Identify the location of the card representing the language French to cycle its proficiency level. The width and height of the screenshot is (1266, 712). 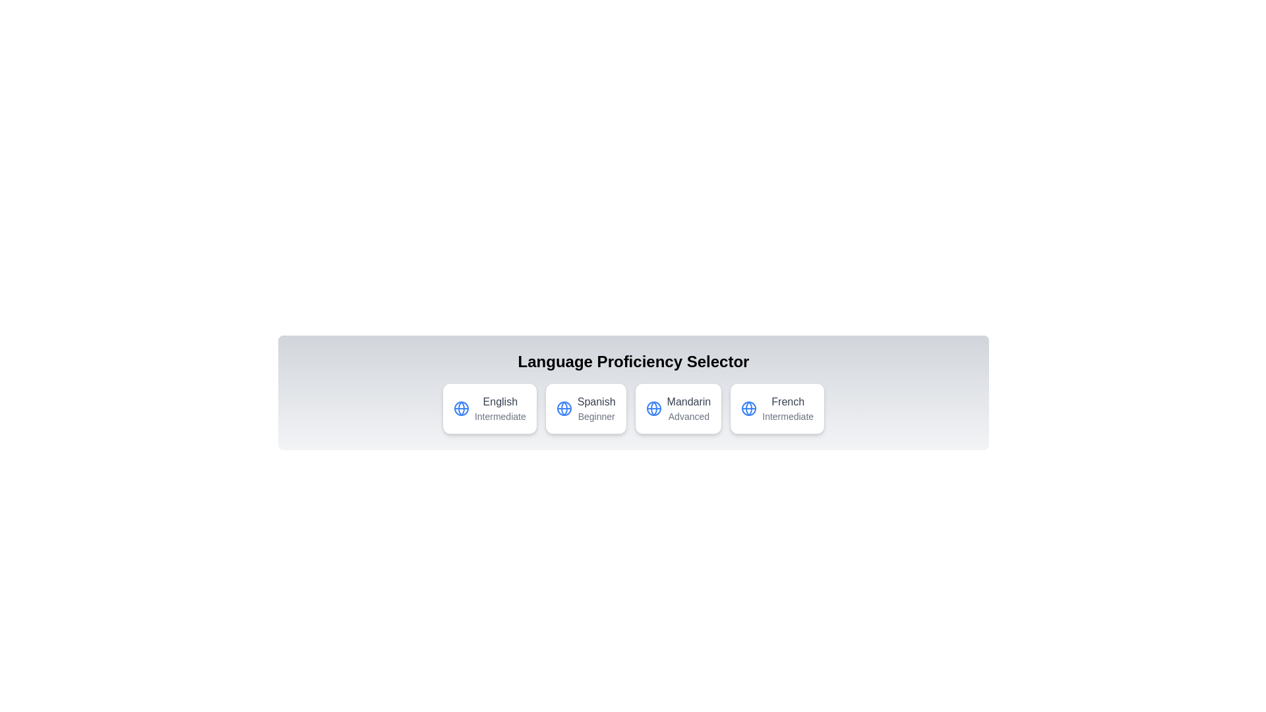
(777, 408).